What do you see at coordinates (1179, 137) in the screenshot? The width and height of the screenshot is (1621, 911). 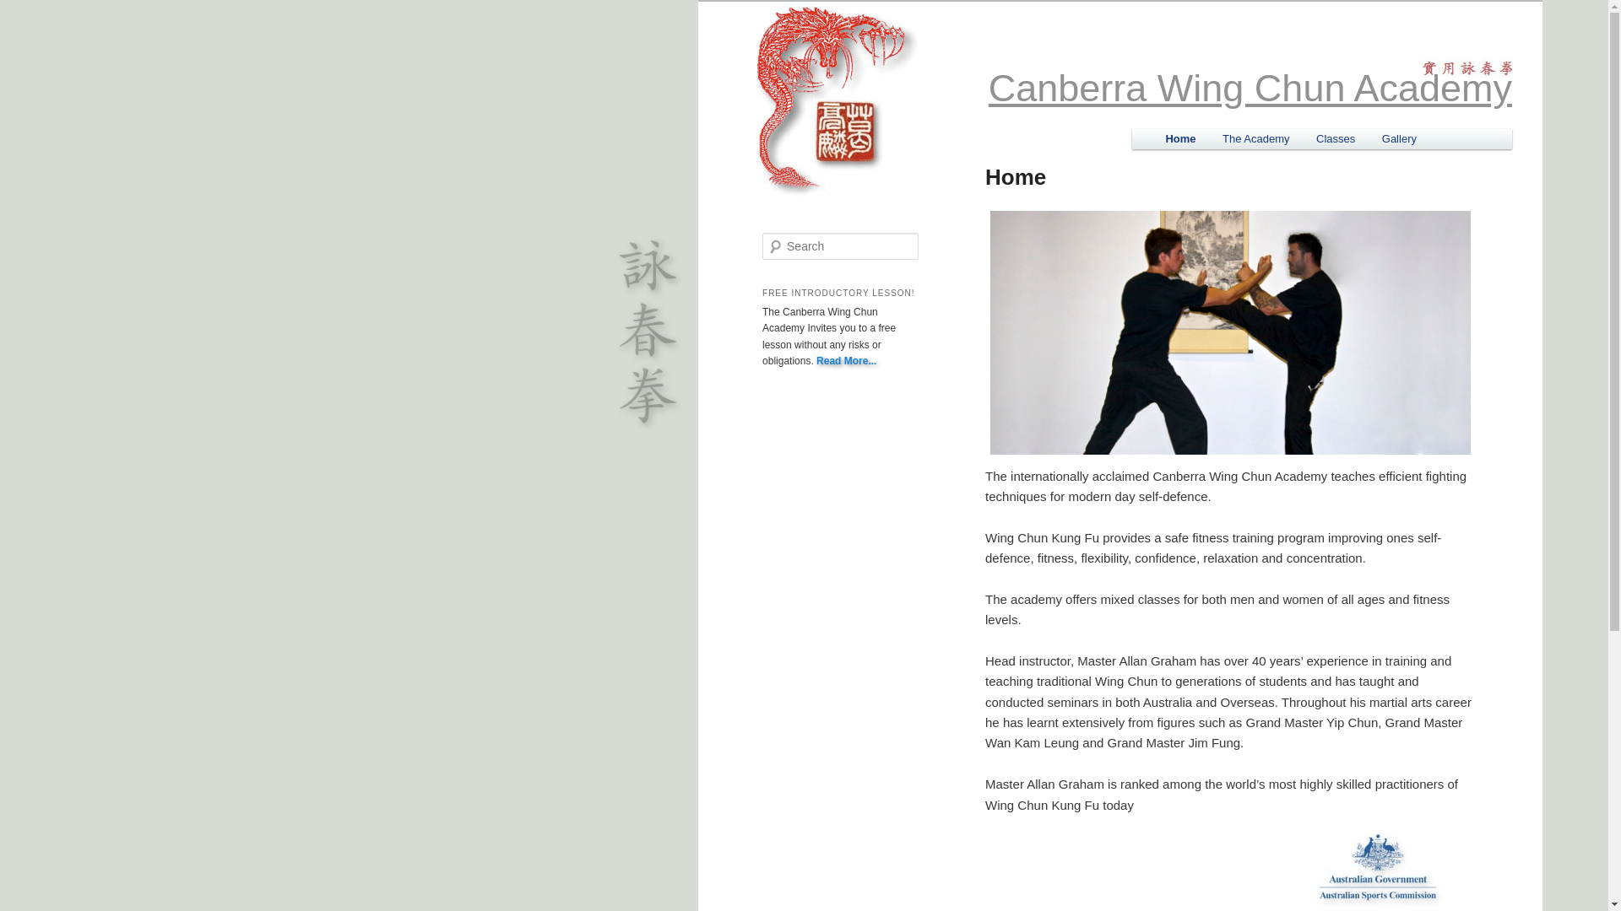 I see `'Home'` at bounding box center [1179, 137].